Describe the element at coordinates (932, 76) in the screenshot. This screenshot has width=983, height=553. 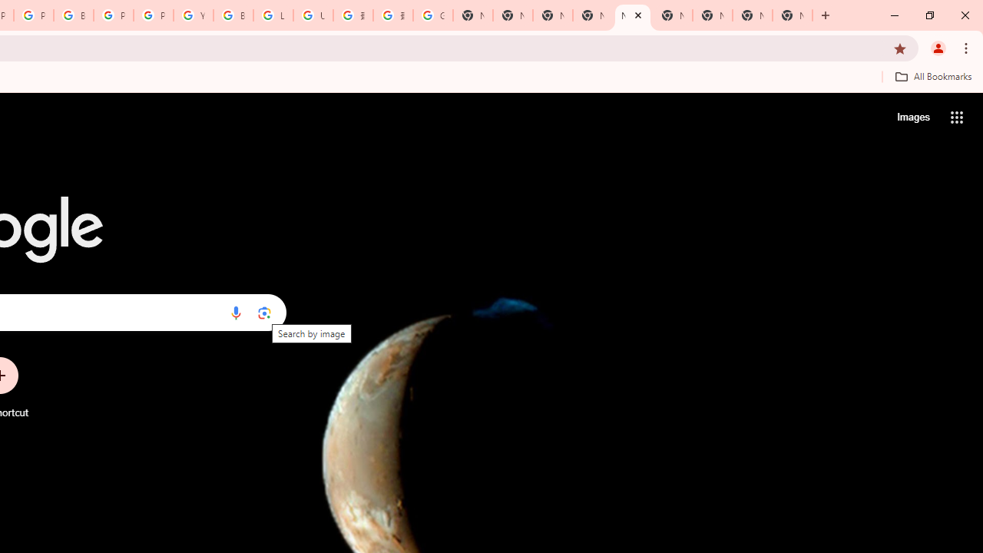
I see `'All Bookmarks'` at that location.